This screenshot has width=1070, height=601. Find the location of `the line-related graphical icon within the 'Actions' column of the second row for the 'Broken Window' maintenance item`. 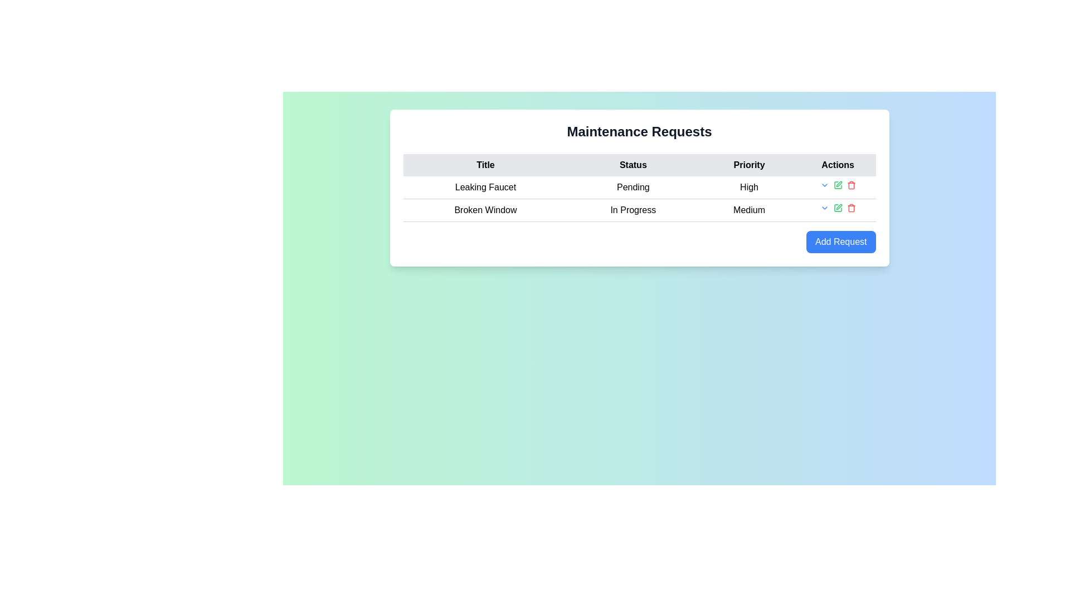

the line-related graphical icon within the 'Actions' column of the second row for the 'Broken Window' maintenance item is located at coordinates (838, 208).